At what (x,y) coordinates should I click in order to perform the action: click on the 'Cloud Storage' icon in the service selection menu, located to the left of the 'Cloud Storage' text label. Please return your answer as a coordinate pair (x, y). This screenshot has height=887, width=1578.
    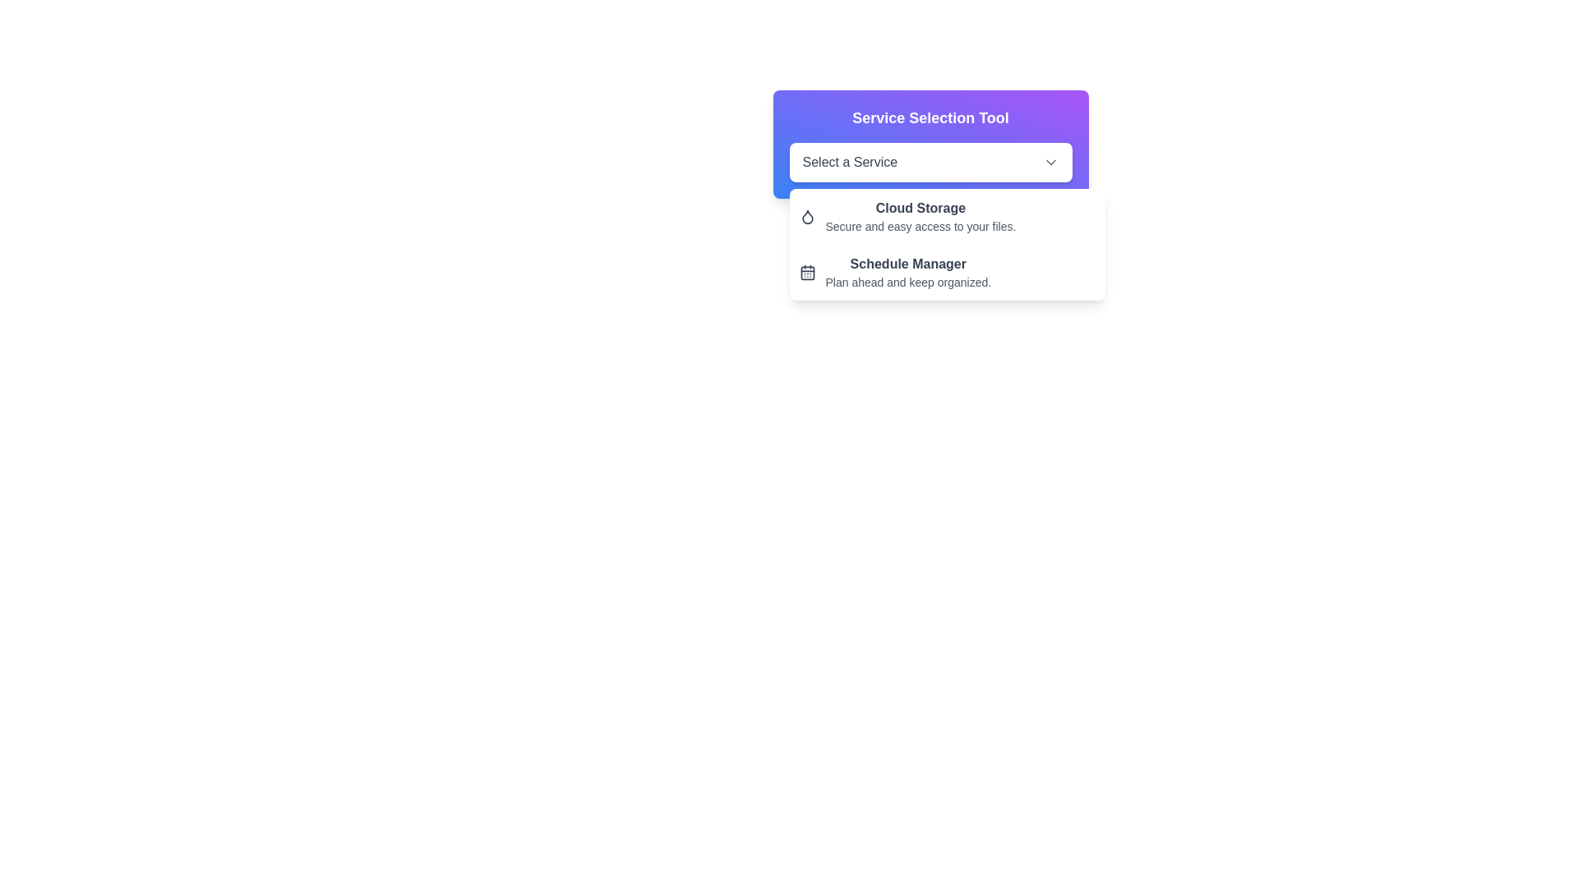
    Looking at the image, I should click on (807, 216).